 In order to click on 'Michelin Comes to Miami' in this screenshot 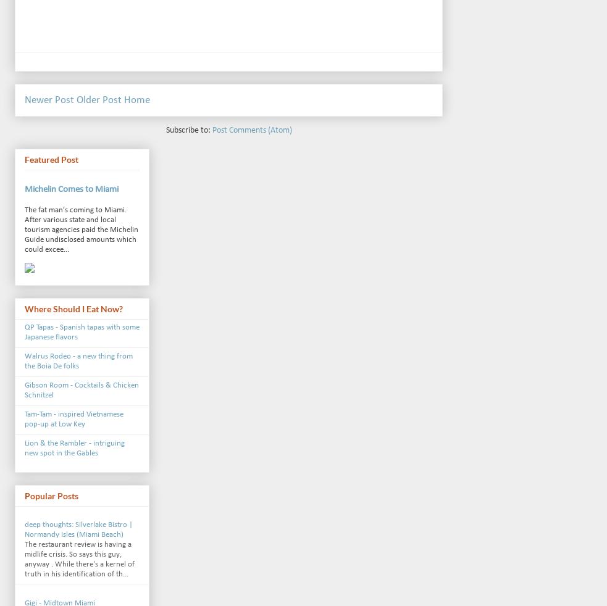, I will do `click(70, 189)`.